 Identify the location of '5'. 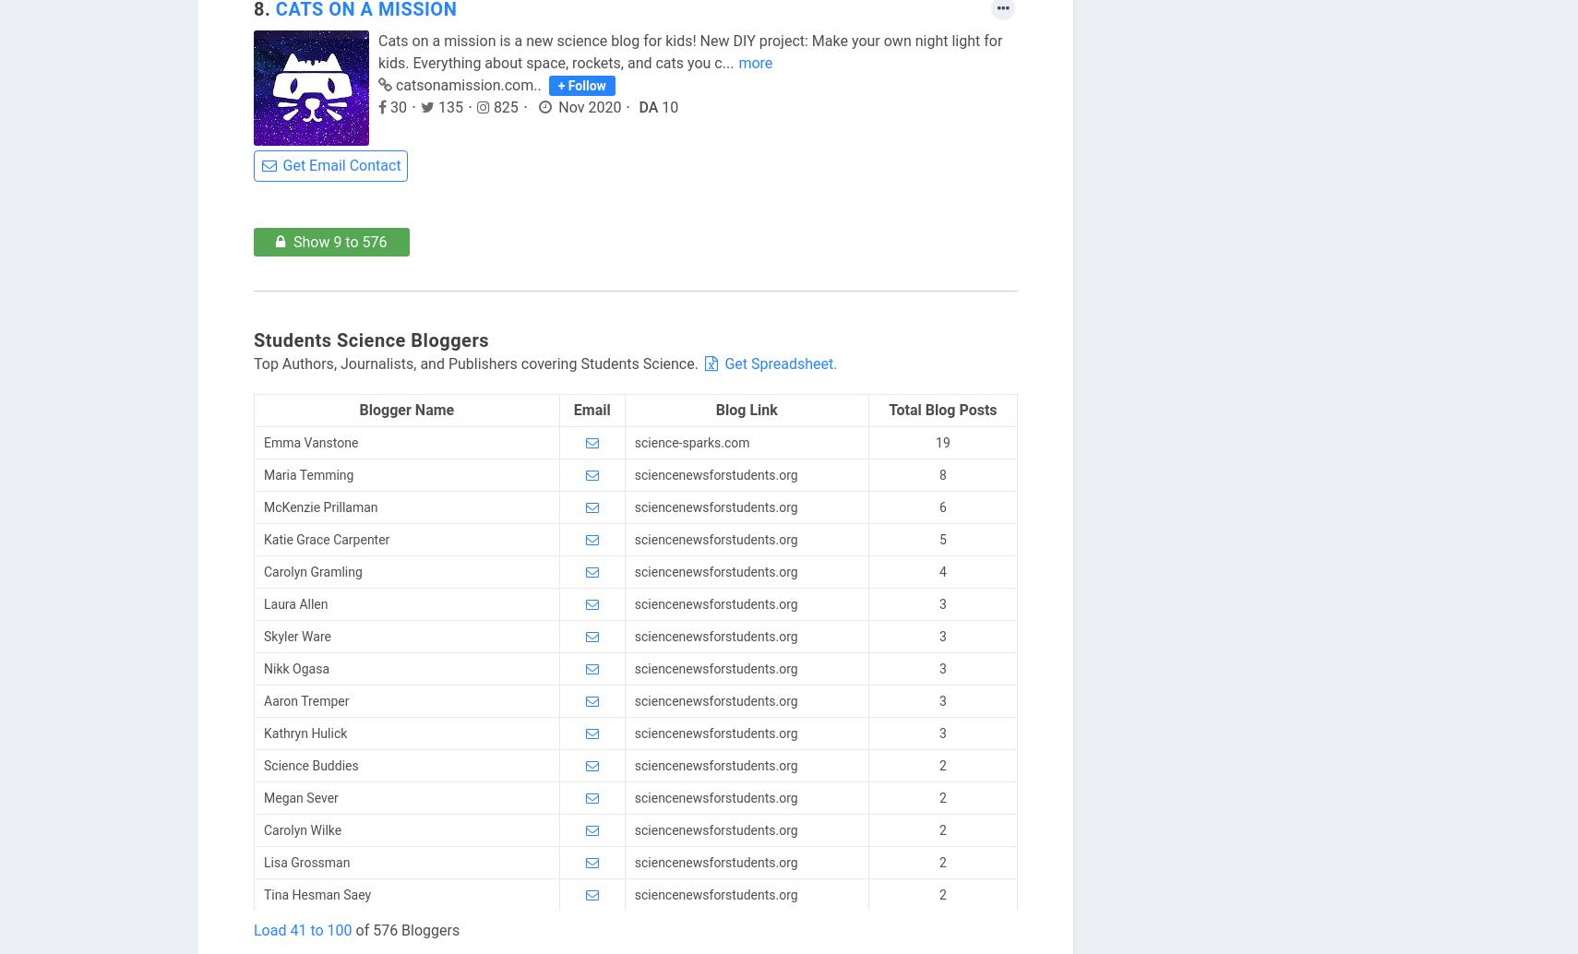
(941, 539).